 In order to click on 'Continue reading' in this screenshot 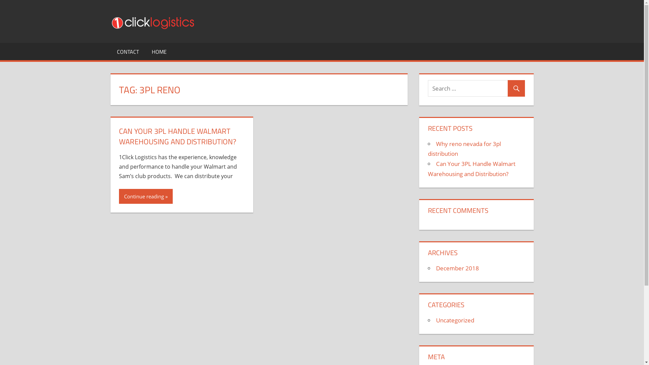, I will do `click(145, 196)`.